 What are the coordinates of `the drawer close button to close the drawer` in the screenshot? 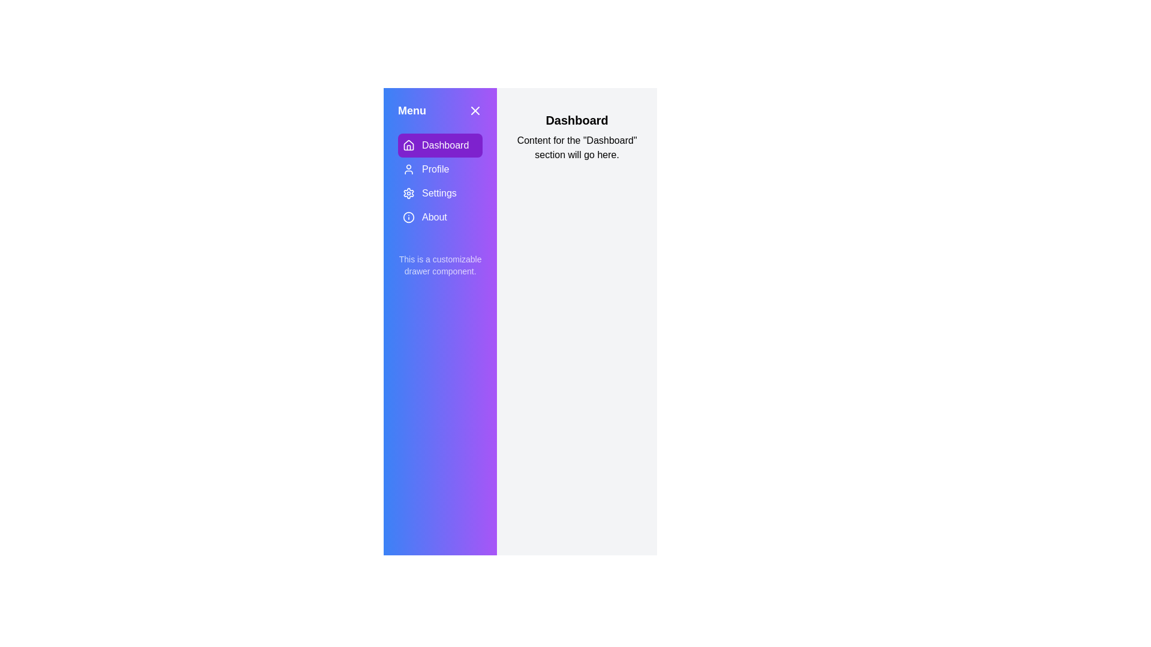 It's located at (475, 111).